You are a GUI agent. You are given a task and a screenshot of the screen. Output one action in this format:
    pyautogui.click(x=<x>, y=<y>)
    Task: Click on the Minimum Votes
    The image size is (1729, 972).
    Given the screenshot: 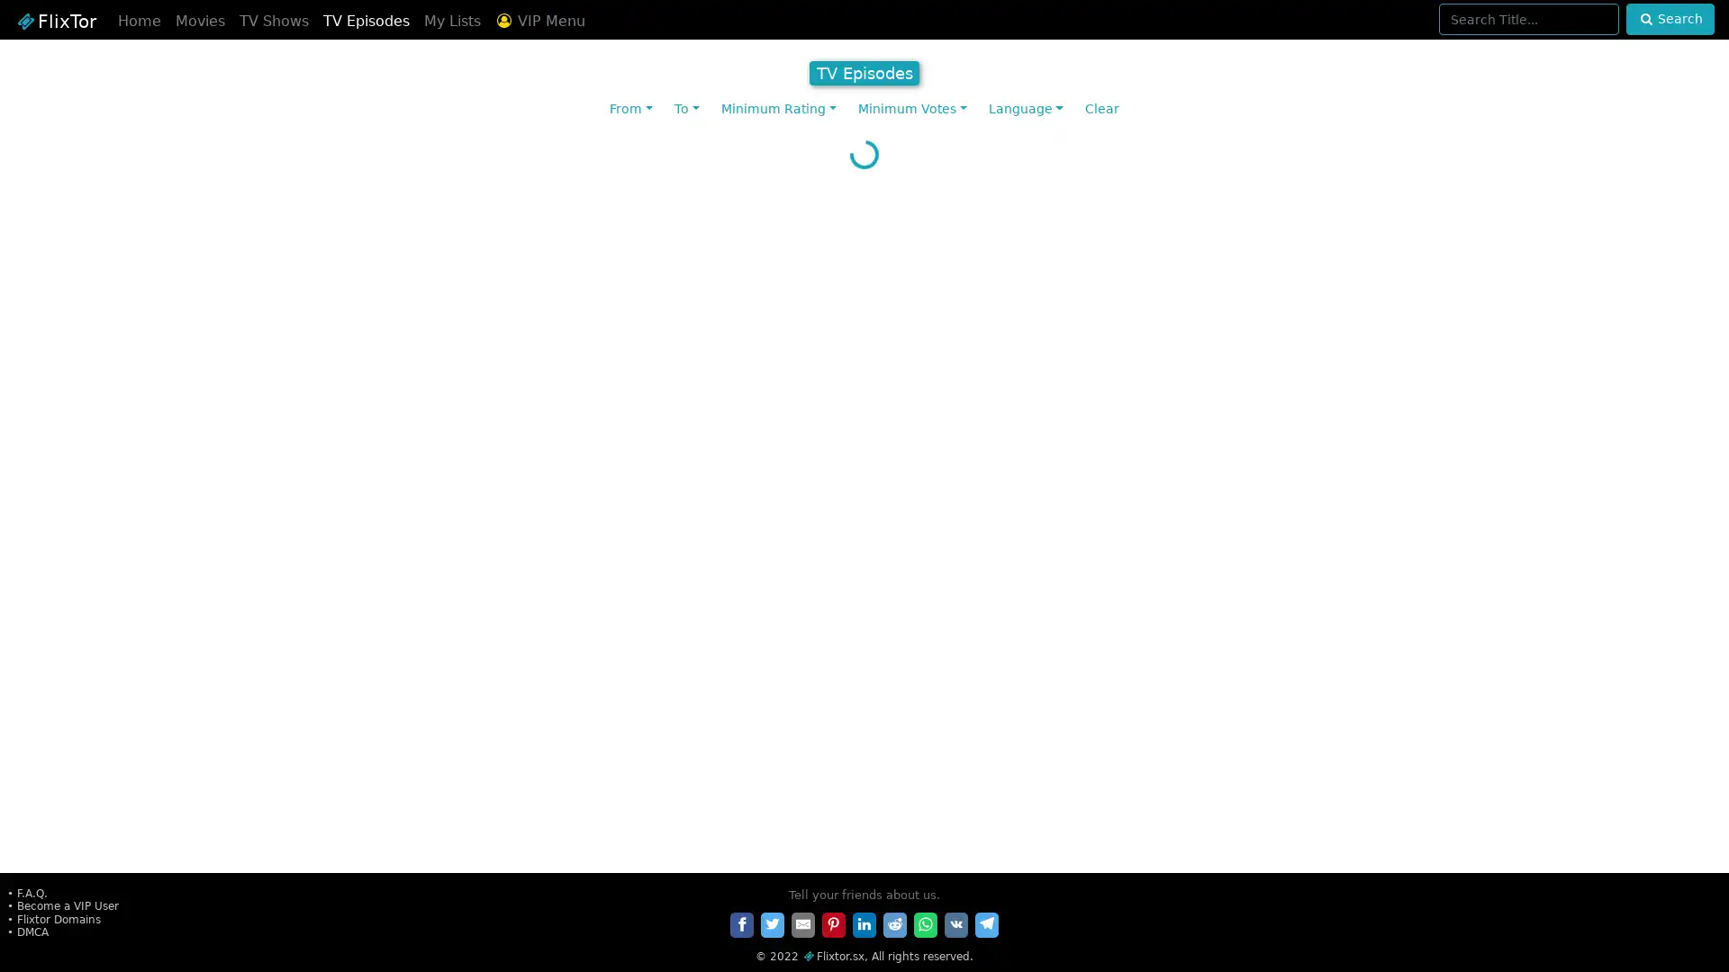 What is the action you would take?
    pyautogui.click(x=911, y=109)
    